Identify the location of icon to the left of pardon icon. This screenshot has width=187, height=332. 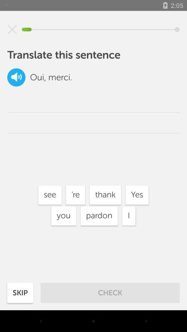
(63, 215).